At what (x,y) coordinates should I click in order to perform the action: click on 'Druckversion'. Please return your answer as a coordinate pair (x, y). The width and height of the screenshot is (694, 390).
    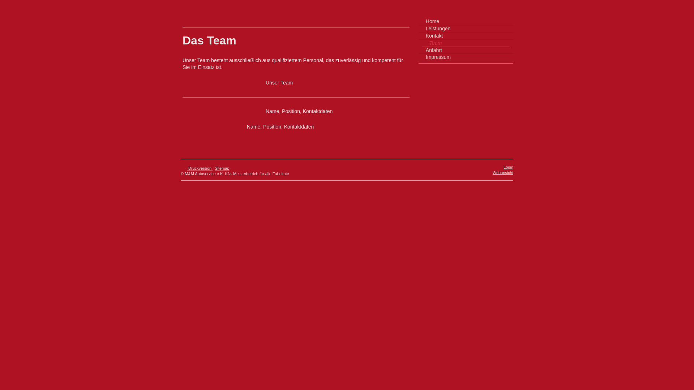
    Looking at the image, I should click on (196, 168).